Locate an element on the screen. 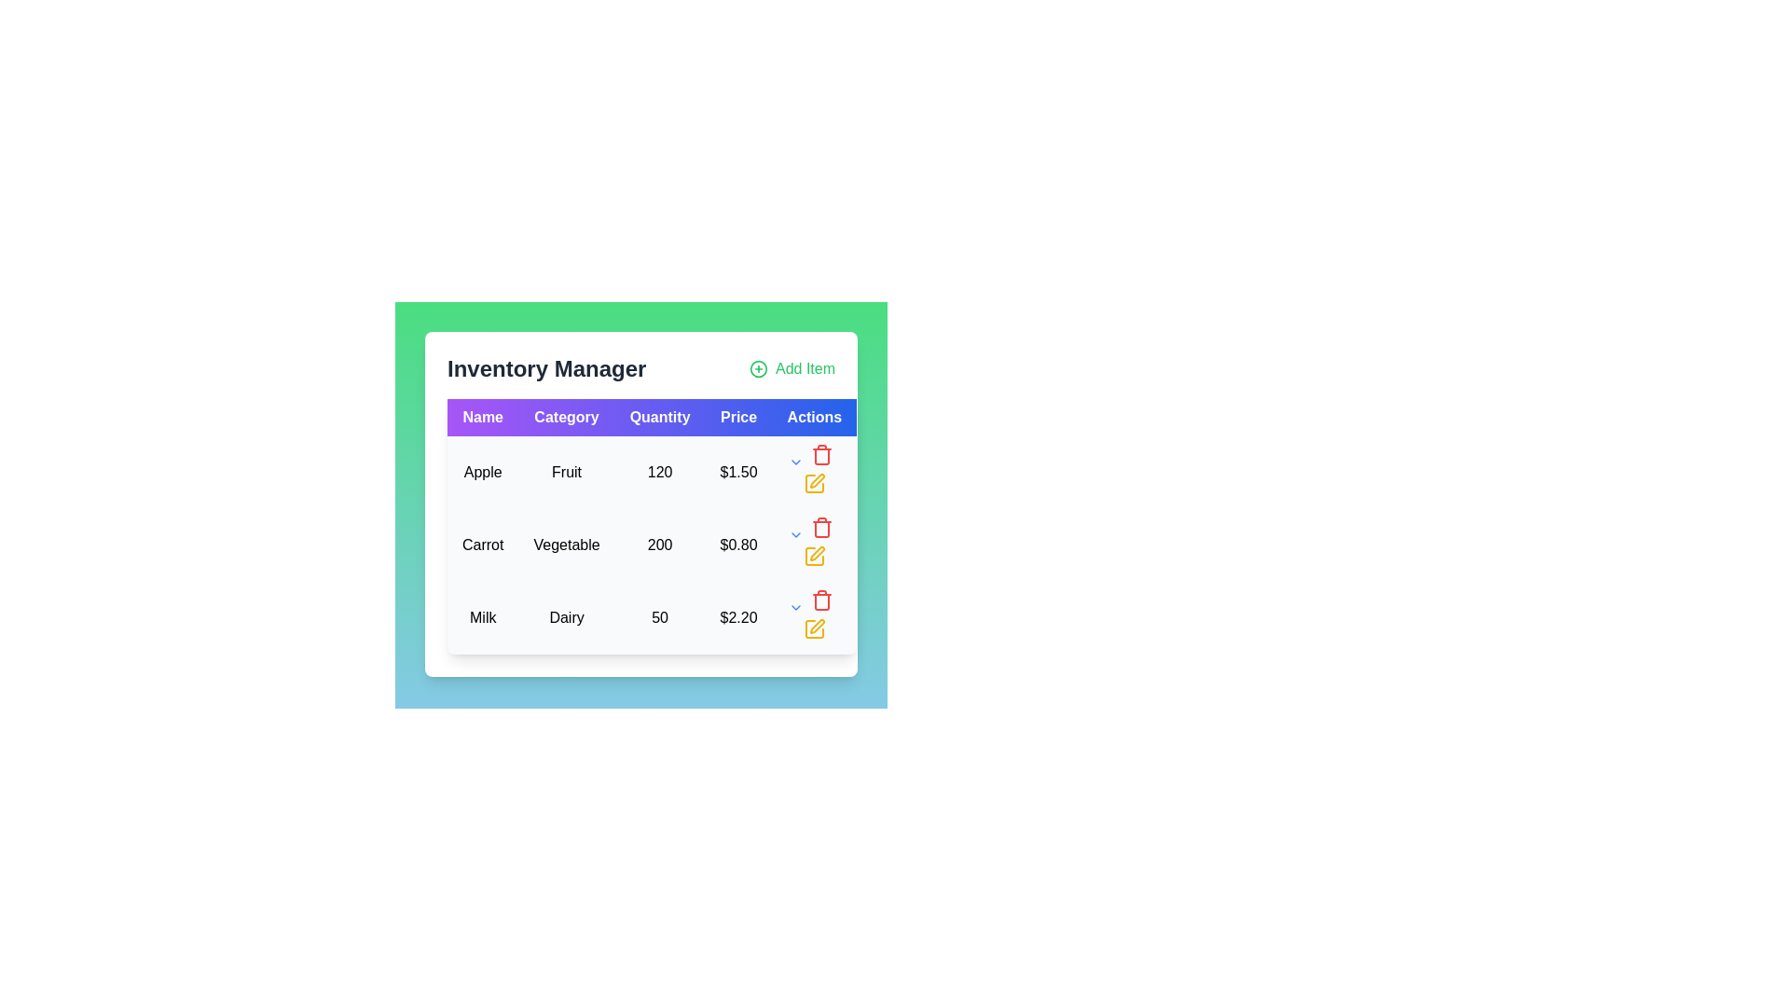  the edit icon button represented by a pencil within a square frame in the 'Actions' column of the 'Carrot' item row is located at coordinates (817, 553).